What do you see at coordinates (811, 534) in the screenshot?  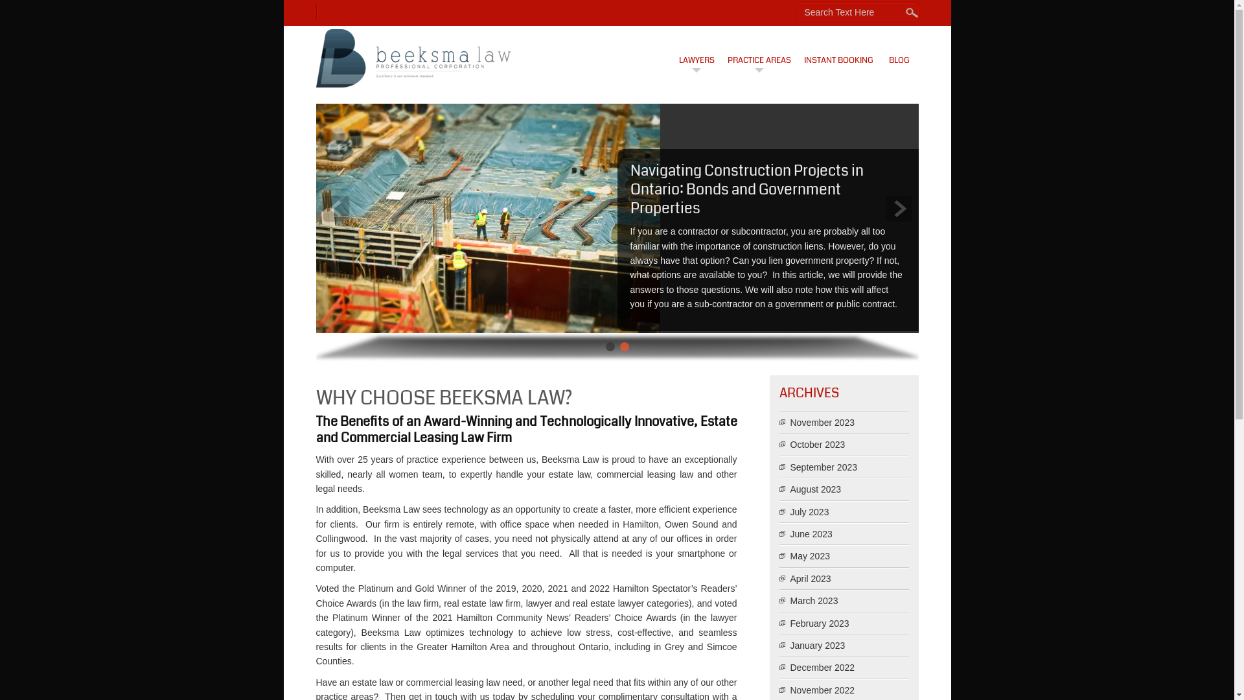 I see `'June 2023'` at bounding box center [811, 534].